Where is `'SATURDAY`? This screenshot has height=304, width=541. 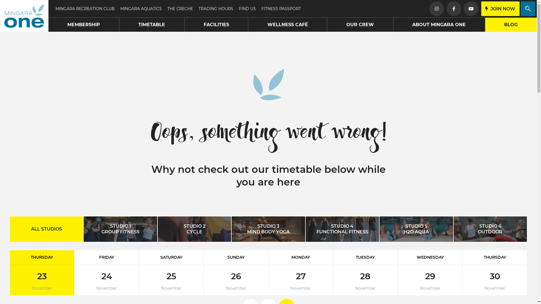 'SATURDAY is located at coordinates (171, 272).